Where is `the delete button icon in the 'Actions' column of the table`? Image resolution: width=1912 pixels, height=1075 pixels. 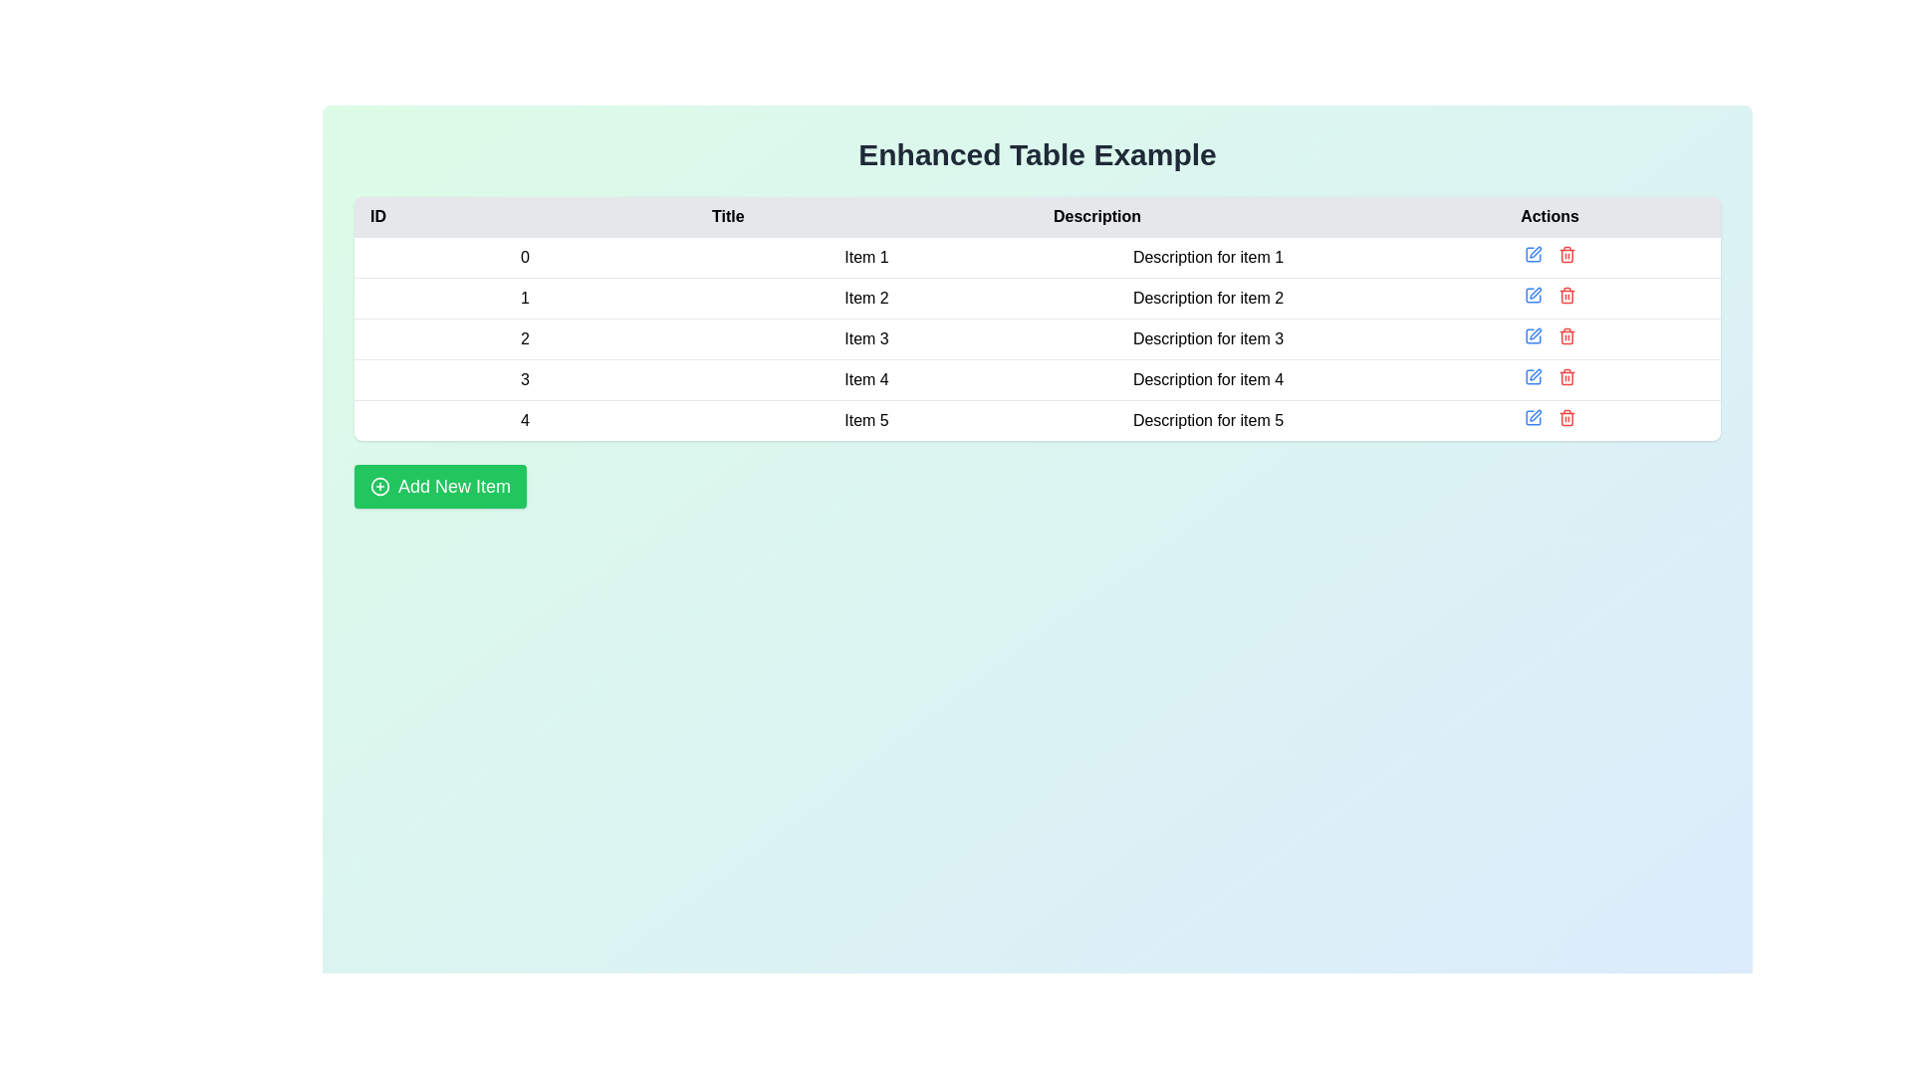 the delete button icon in the 'Actions' column of the table is located at coordinates (1565, 253).